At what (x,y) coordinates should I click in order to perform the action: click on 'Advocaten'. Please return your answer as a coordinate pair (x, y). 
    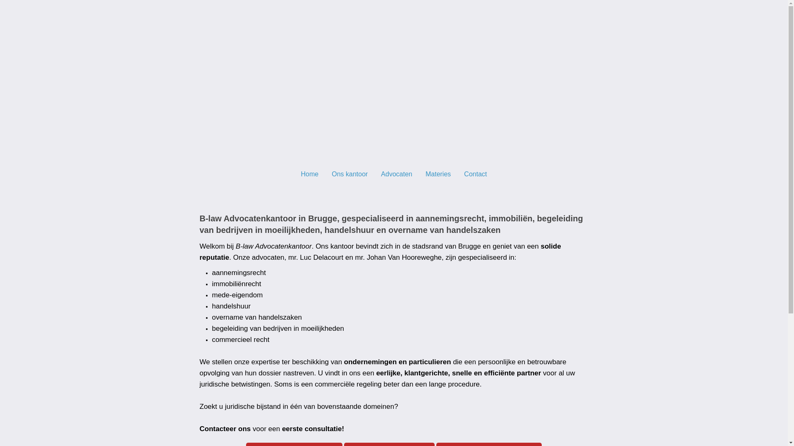
    Looking at the image, I should click on (396, 173).